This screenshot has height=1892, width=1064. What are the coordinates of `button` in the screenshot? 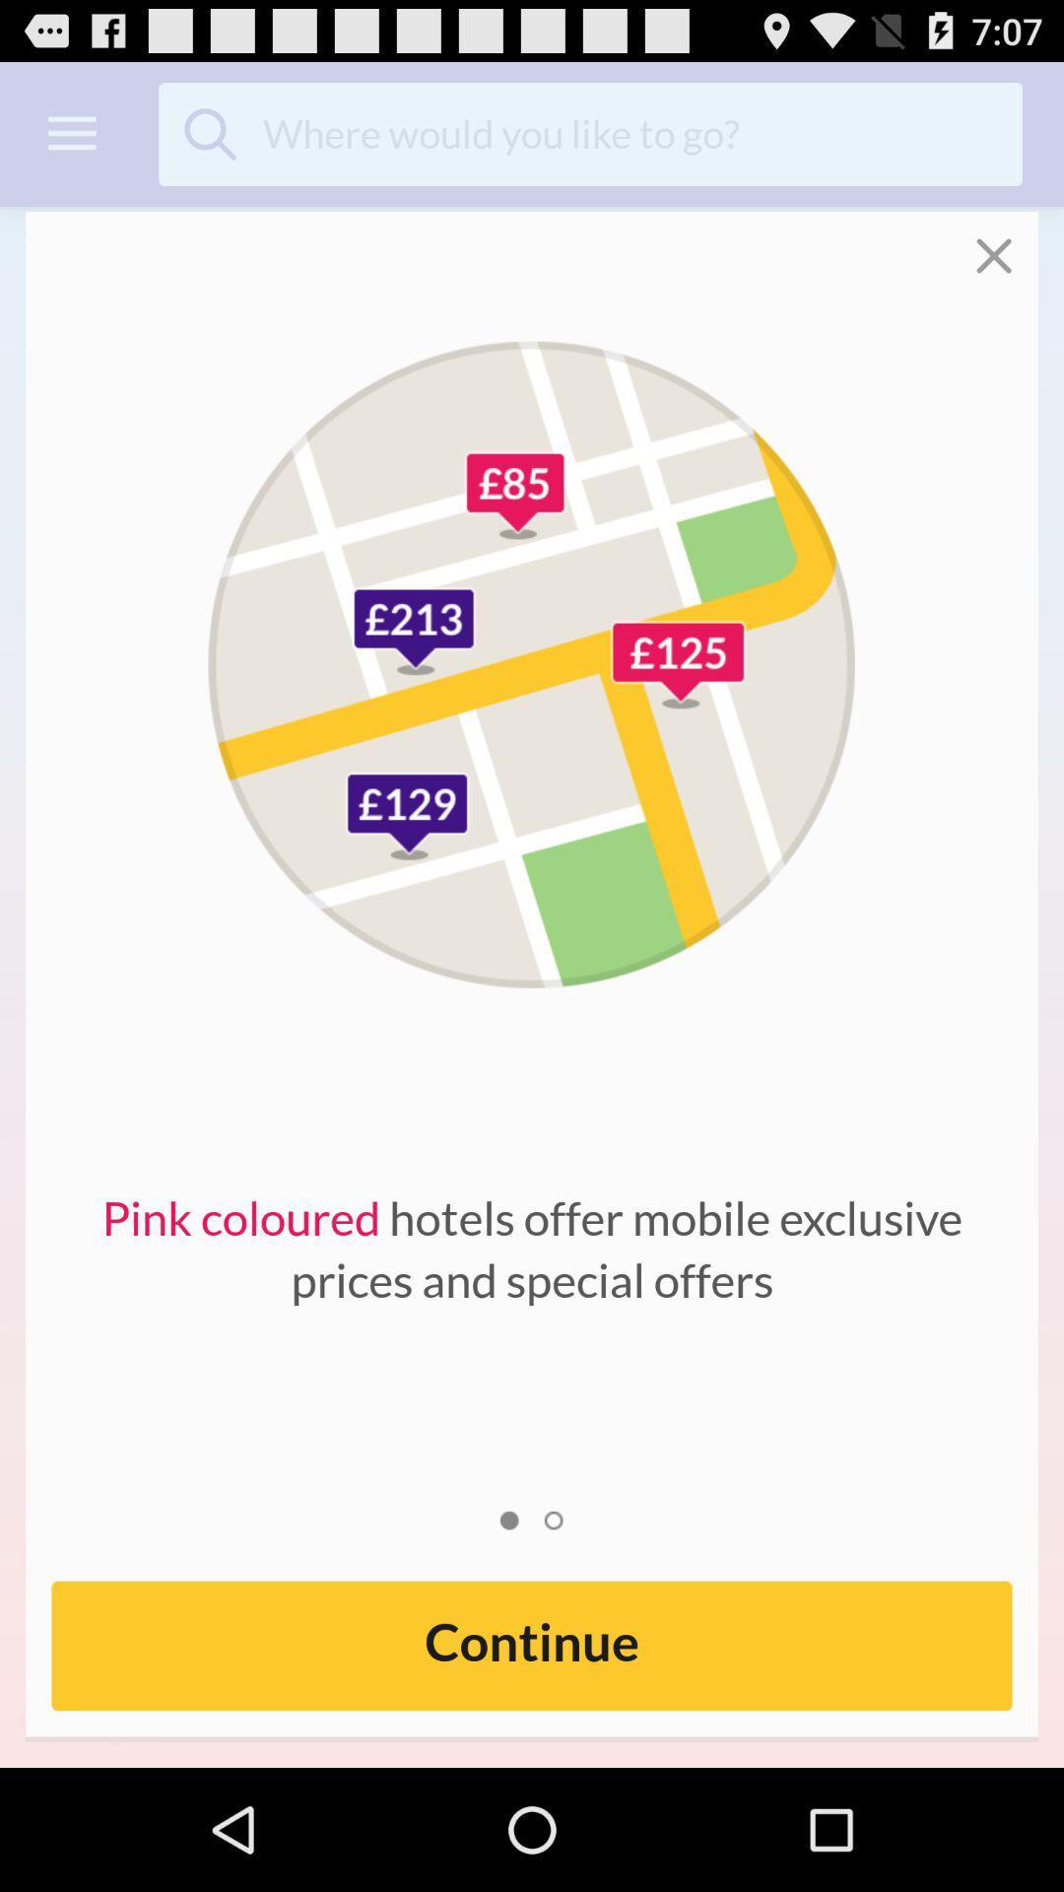 It's located at (1007, 241).